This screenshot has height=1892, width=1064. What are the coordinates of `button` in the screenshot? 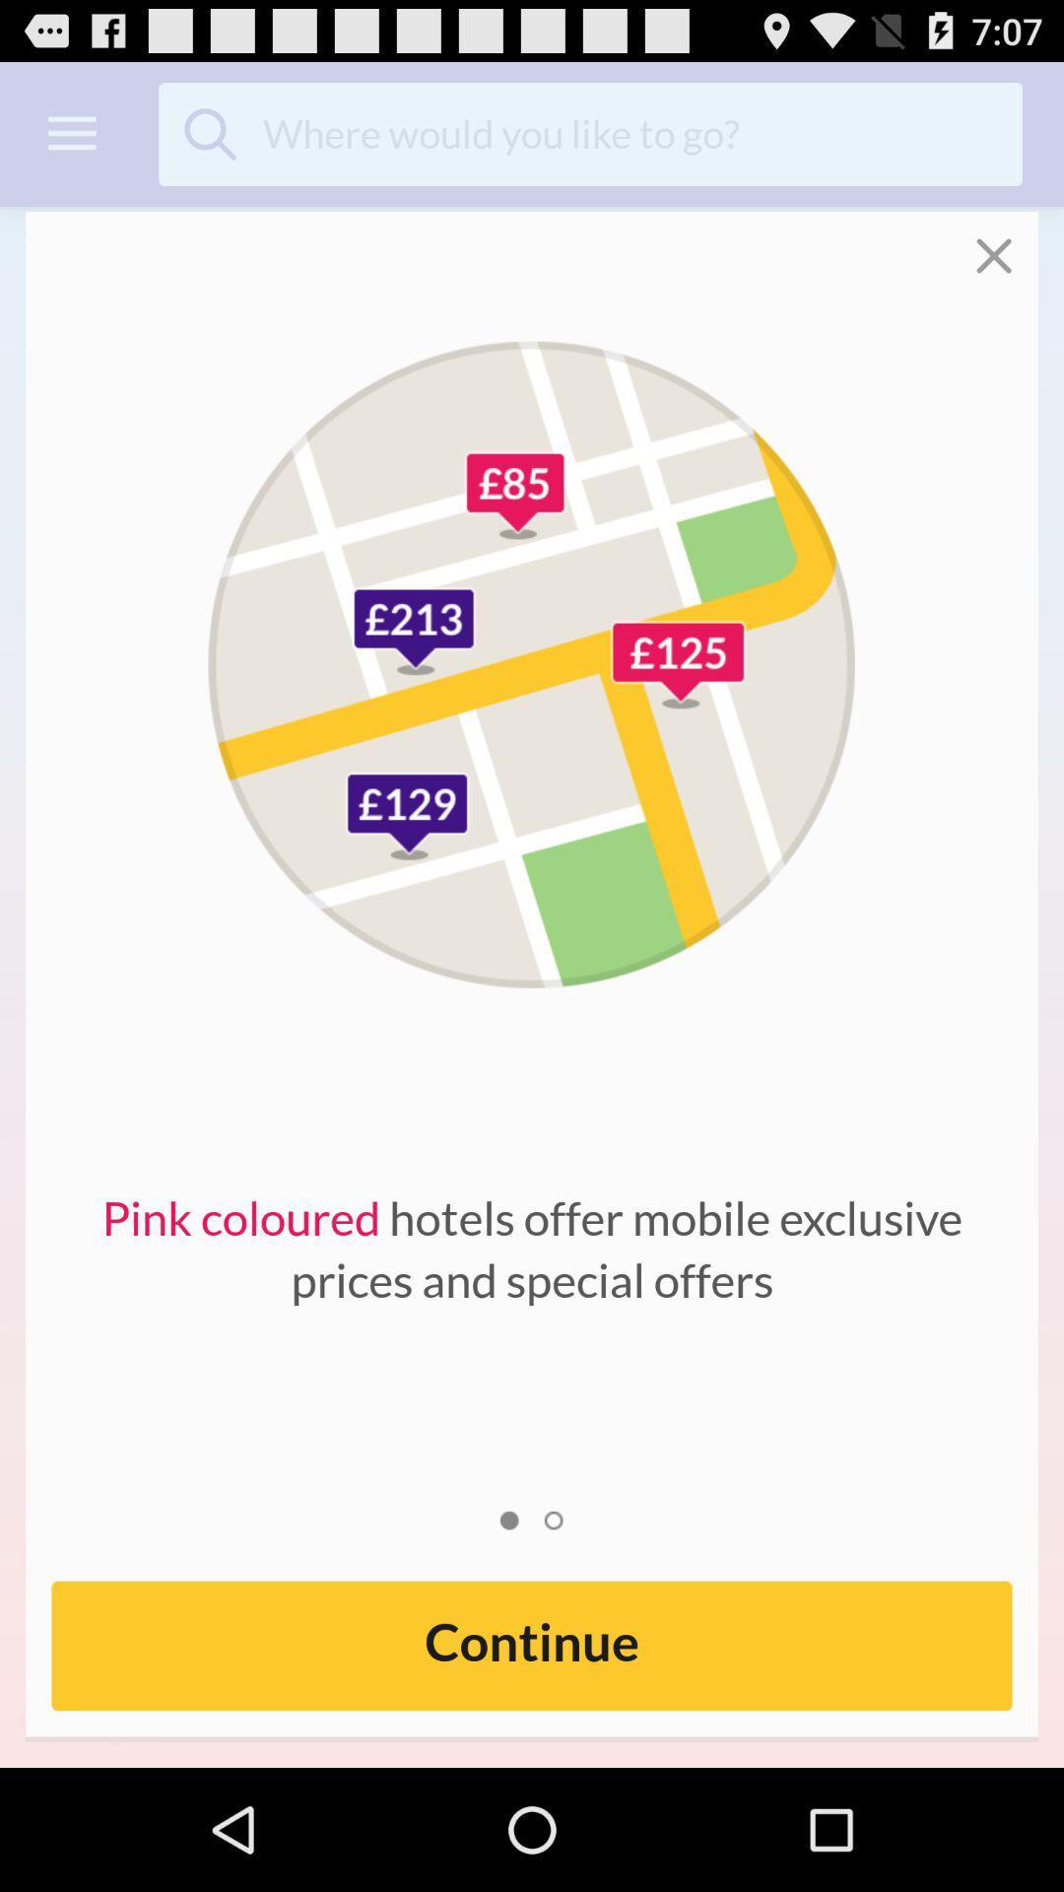 It's located at (1007, 241).